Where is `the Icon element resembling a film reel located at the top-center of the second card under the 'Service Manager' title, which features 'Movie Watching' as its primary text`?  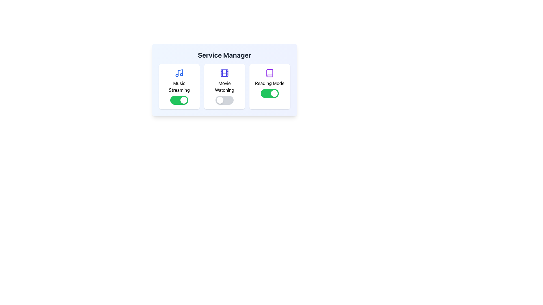 the Icon element resembling a film reel located at the top-center of the second card under the 'Service Manager' title, which features 'Movie Watching' as its primary text is located at coordinates (224, 73).